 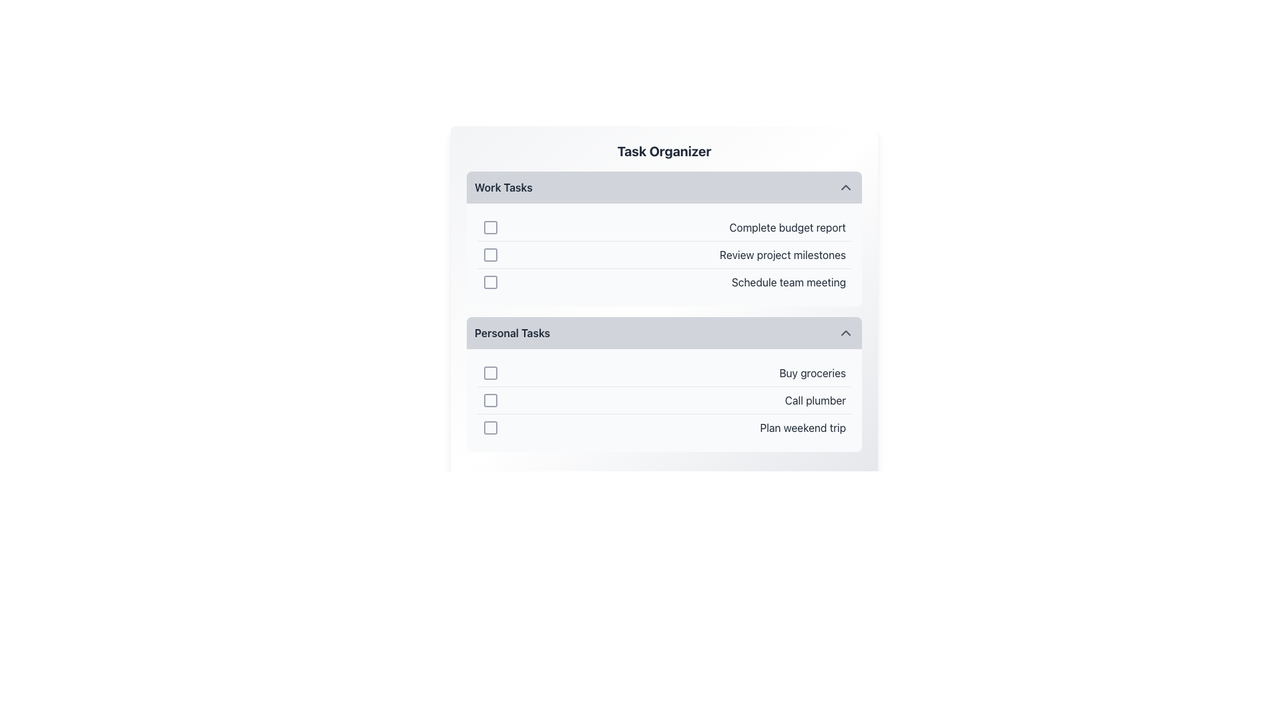 What do you see at coordinates (787, 226) in the screenshot?
I see `the text label displaying 'Complete budget report'` at bounding box center [787, 226].